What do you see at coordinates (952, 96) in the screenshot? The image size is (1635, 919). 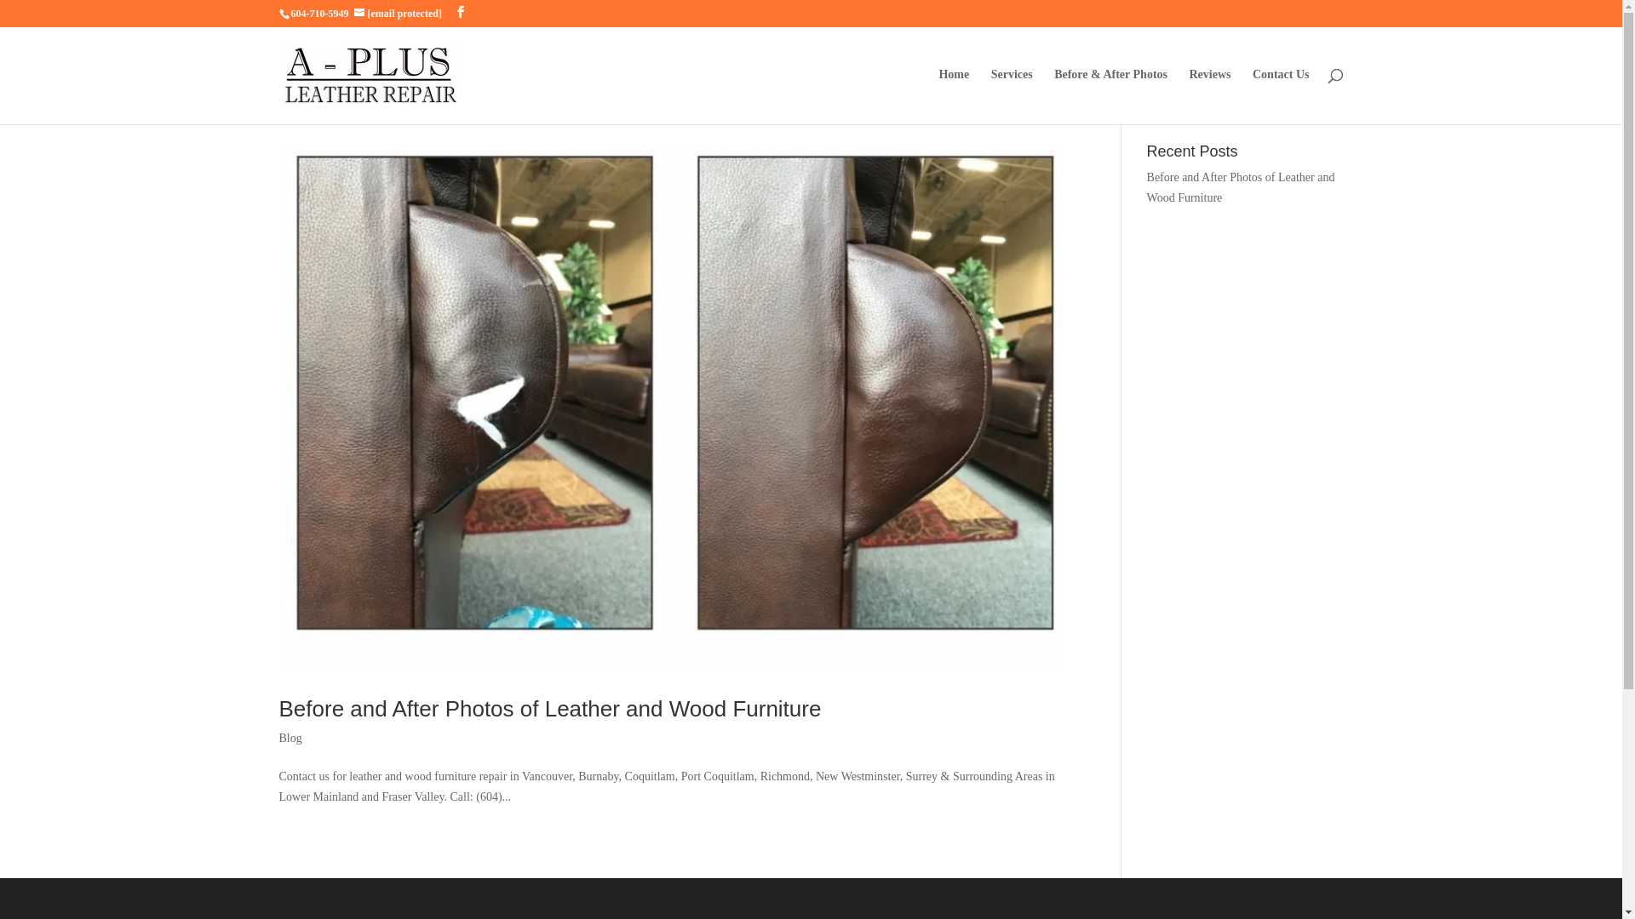 I see `'Home'` at bounding box center [952, 96].